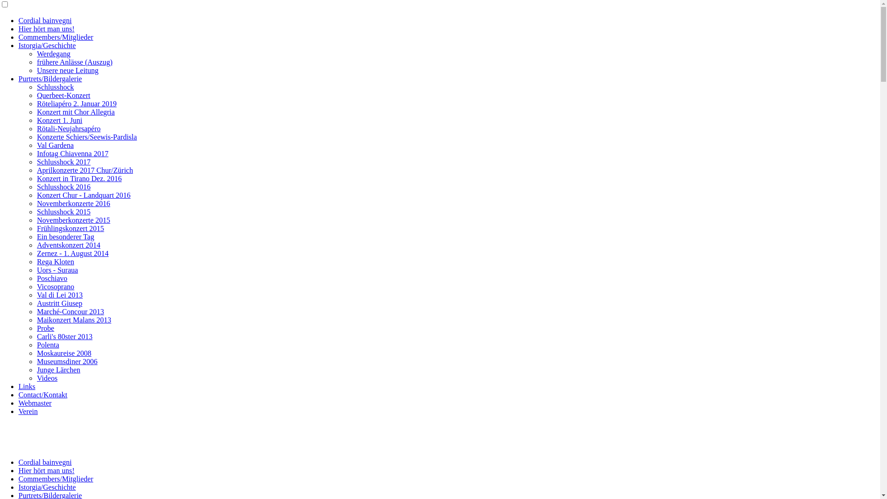 This screenshot has height=499, width=887. I want to click on 'Commembers/Mitglieder', so click(55, 478).